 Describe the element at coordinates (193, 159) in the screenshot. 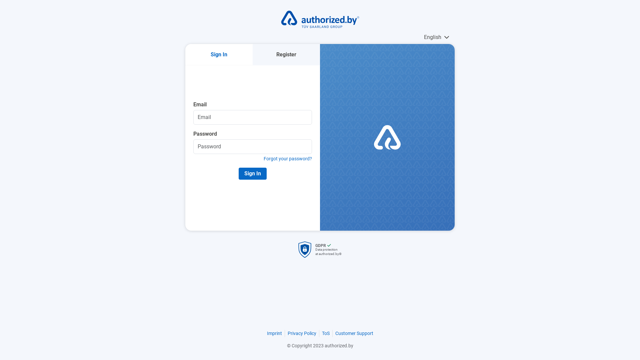

I see `'Forgot your password?'` at that location.